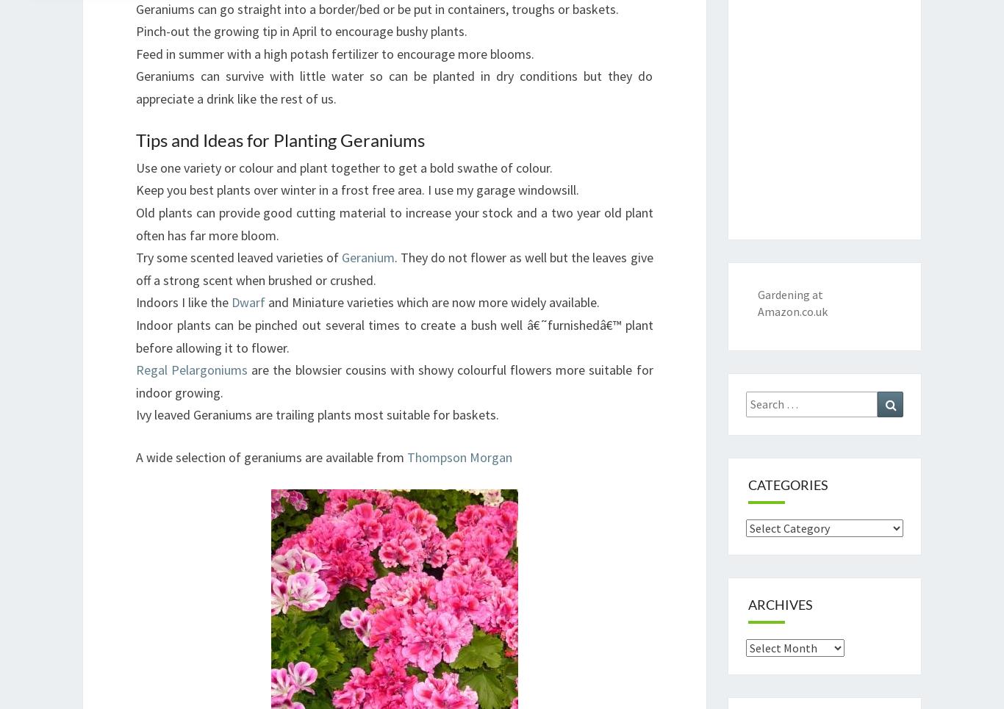  What do you see at coordinates (135, 268) in the screenshot?
I see `'. They do not flower as well but the leaves give off a strong scent when brushed or crushed.'` at bounding box center [135, 268].